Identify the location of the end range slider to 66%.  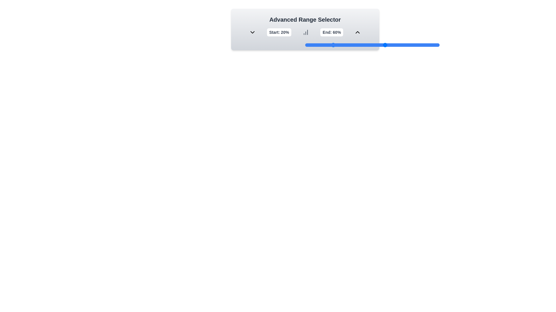
(394, 44).